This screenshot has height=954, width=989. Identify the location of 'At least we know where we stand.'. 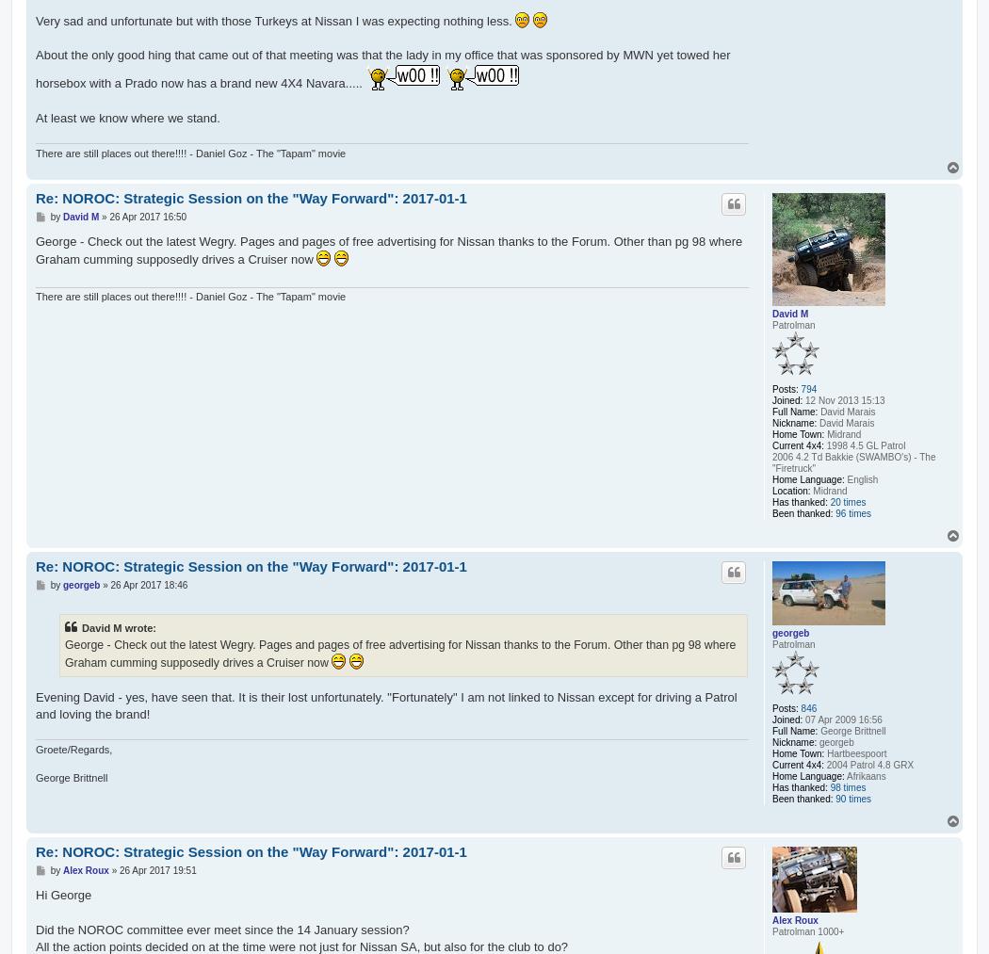
(126, 117).